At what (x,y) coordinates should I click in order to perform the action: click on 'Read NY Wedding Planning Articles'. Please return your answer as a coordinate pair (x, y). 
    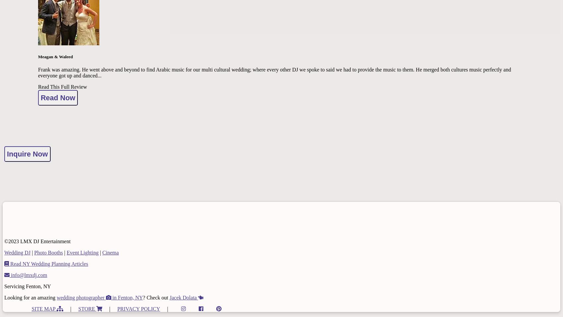
    Looking at the image, I should click on (48, 263).